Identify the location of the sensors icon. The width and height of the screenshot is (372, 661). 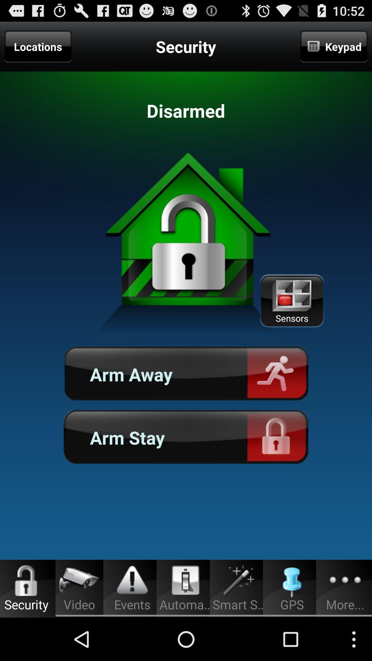
(292, 301).